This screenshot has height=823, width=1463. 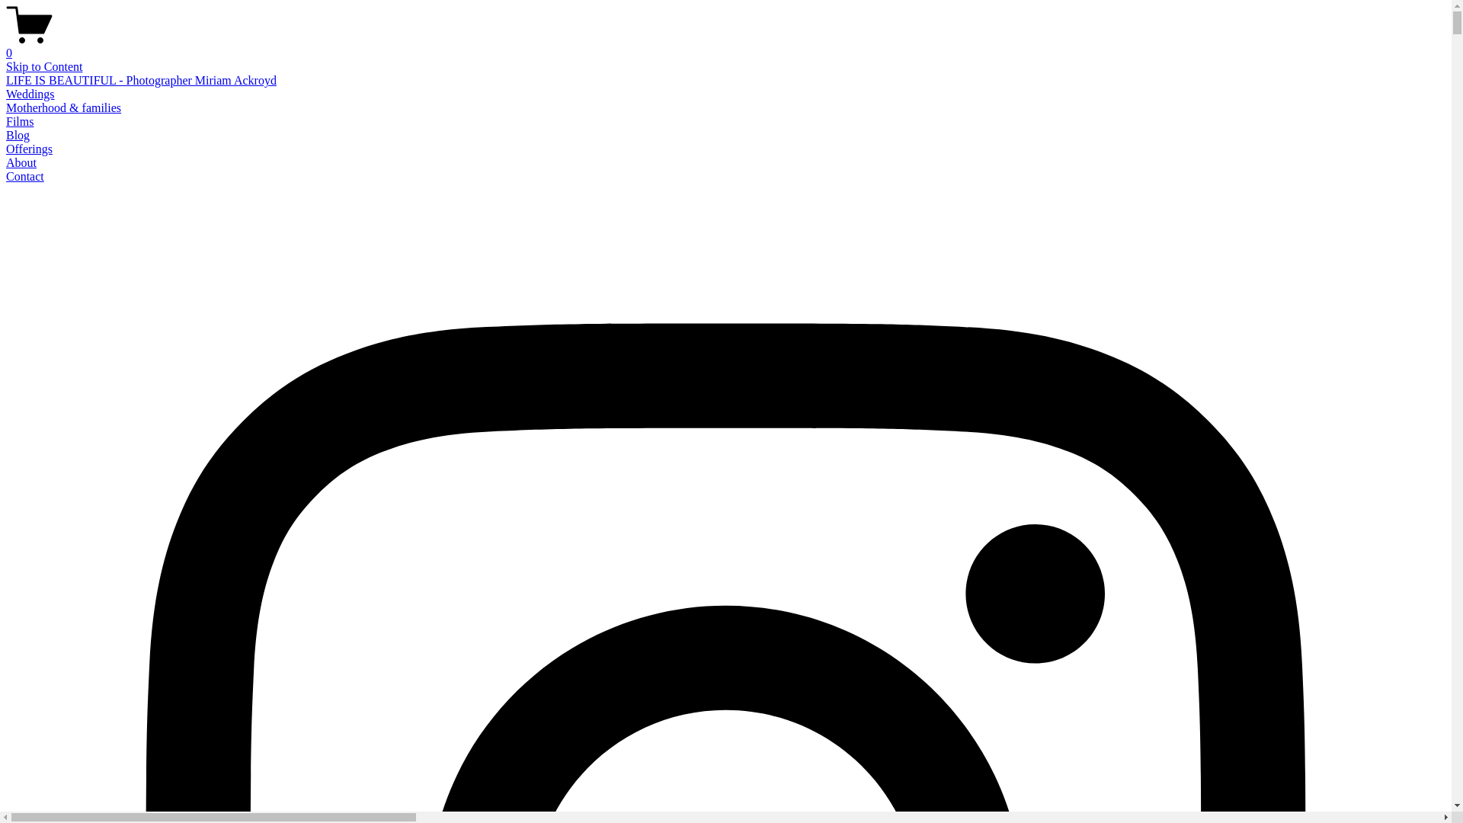 What do you see at coordinates (21, 162) in the screenshot?
I see `'About'` at bounding box center [21, 162].